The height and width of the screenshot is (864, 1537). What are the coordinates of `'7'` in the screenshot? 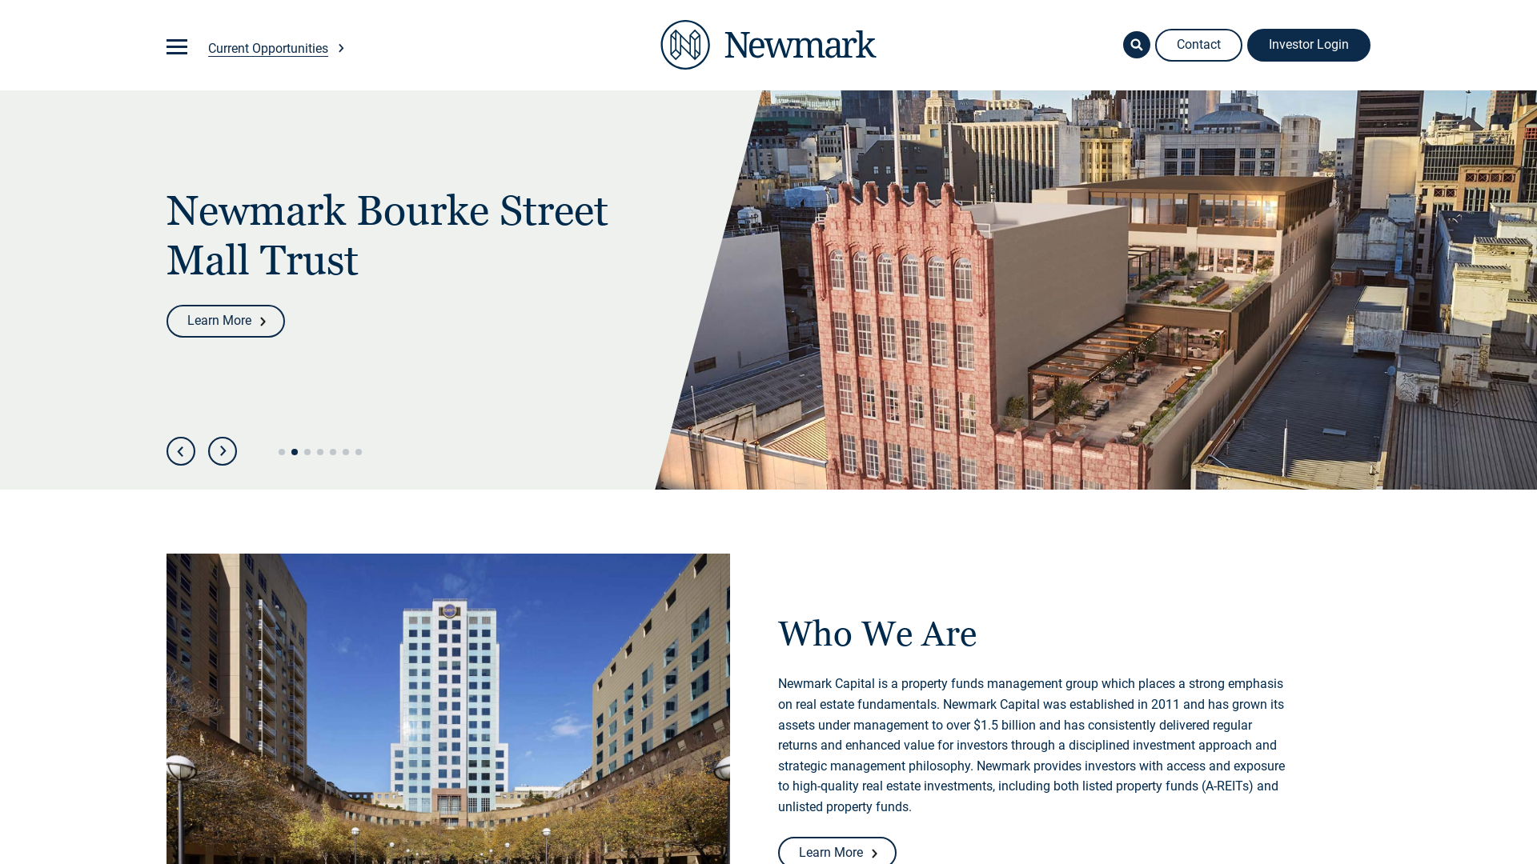 It's located at (359, 450).